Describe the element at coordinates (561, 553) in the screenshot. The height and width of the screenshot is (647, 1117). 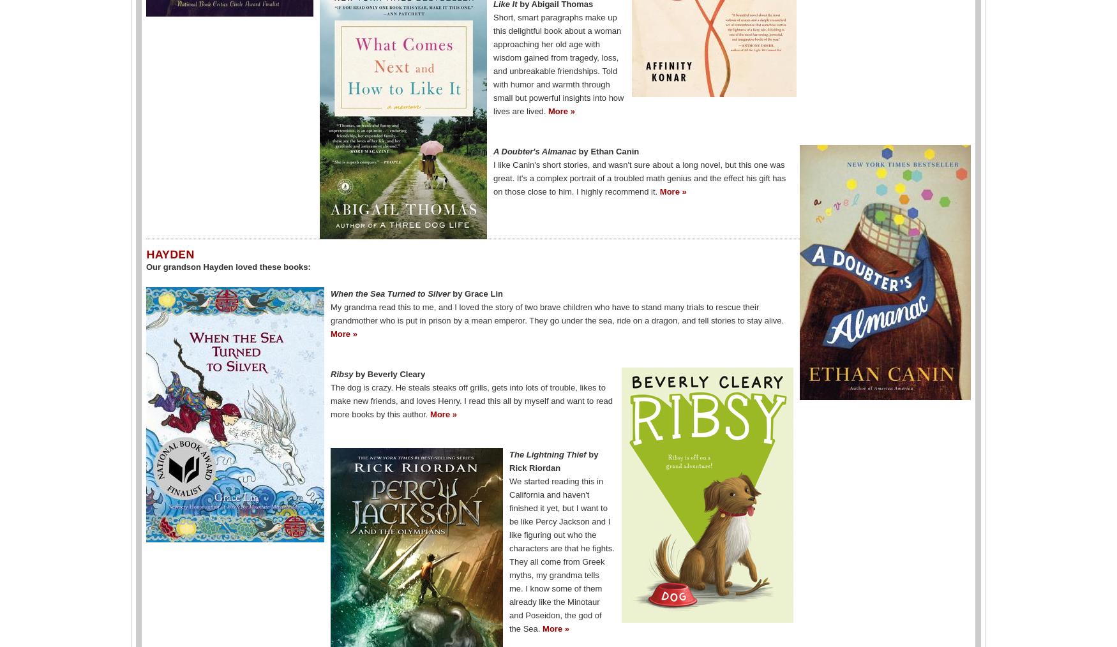
I see `'We started reading this in California and haven't finished it yet, but I want to be like Percy Jackson and I like figuring out who the characters are that he fights. They all come from Greek myths, my grandma tells me. I know some of them already like the Minotaur and Poseidon, the god of the Sea.'` at that location.